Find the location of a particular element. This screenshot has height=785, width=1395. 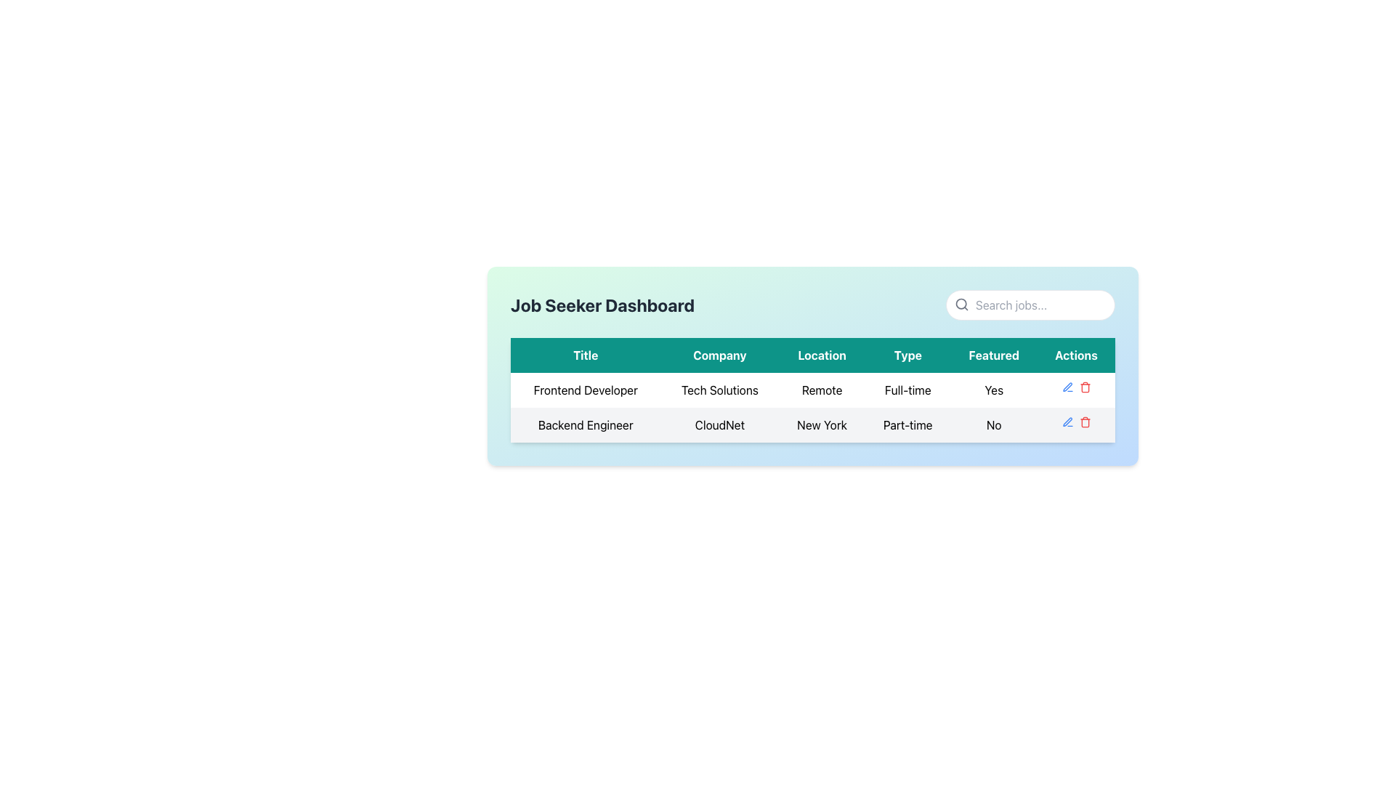

the text label reading 'Backend Engineer' located in the second row of the table, first column under 'Title' is located at coordinates (586, 425).